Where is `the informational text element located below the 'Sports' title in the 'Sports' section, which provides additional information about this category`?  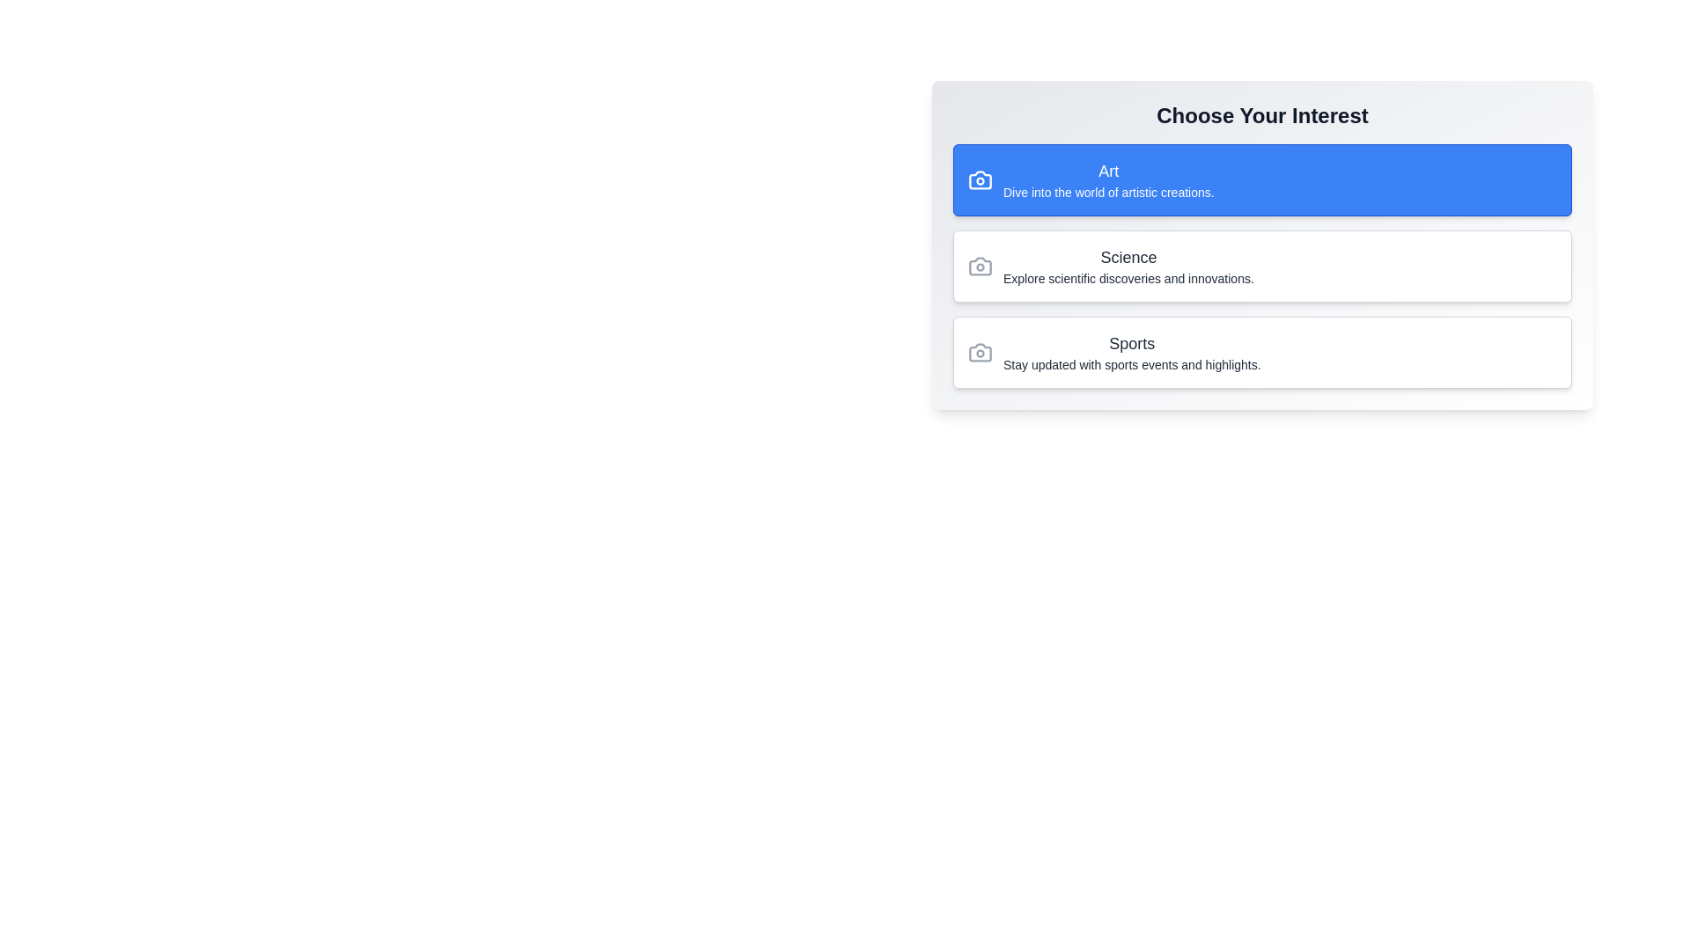 the informational text element located below the 'Sports' title in the 'Sports' section, which provides additional information about this category is located at coordinates (1132, 364).